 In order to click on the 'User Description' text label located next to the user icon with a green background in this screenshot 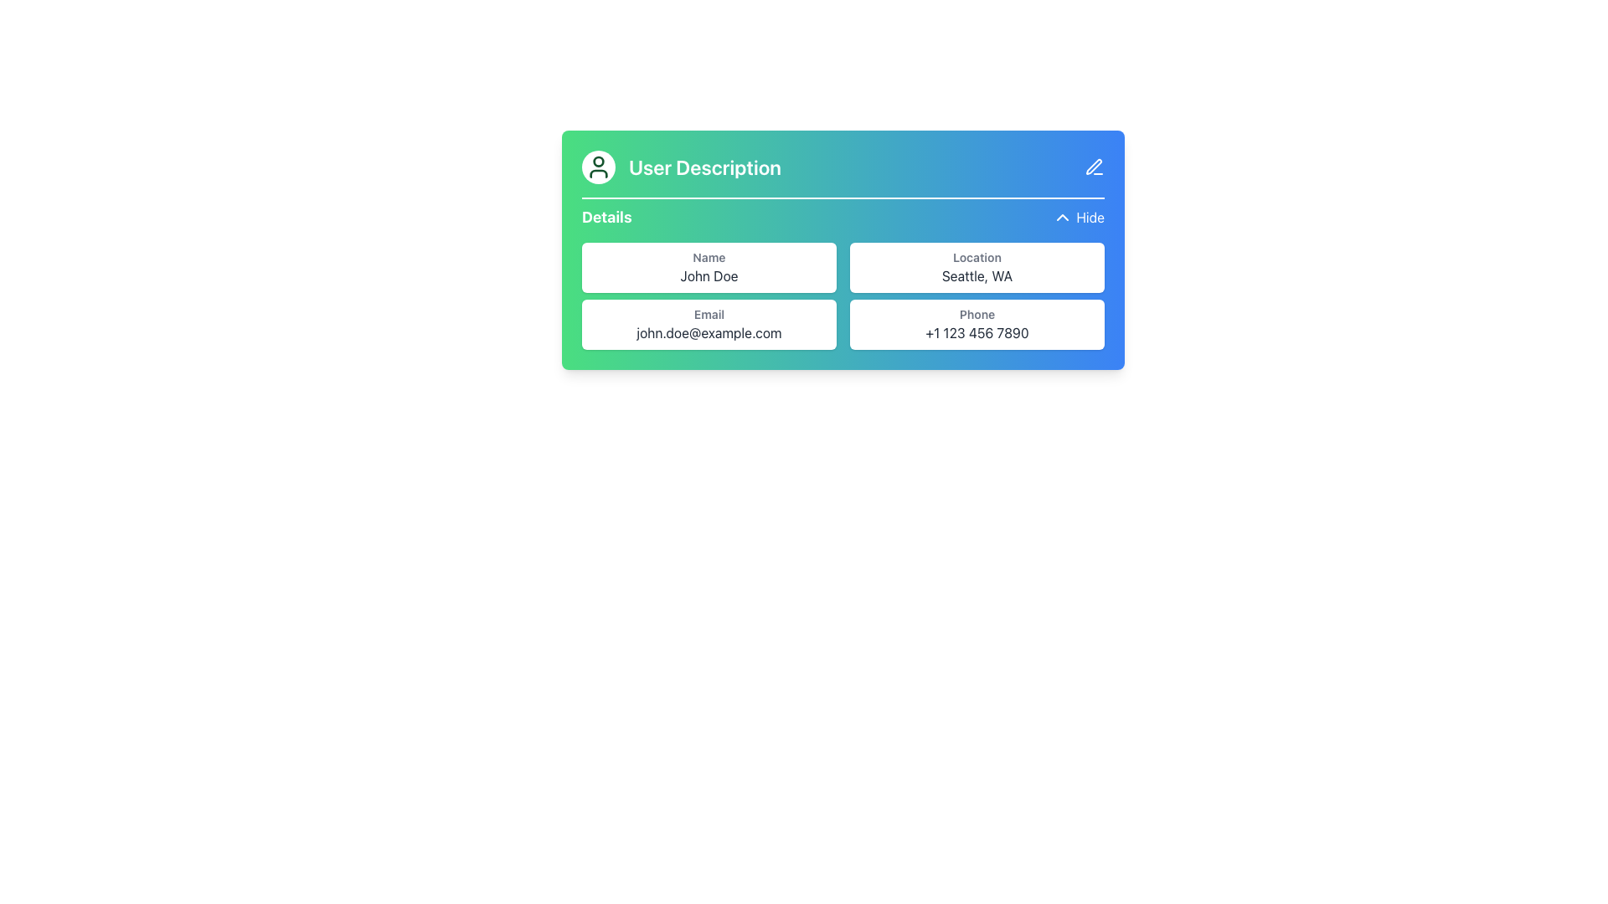, I will do `click(682, 167)`.